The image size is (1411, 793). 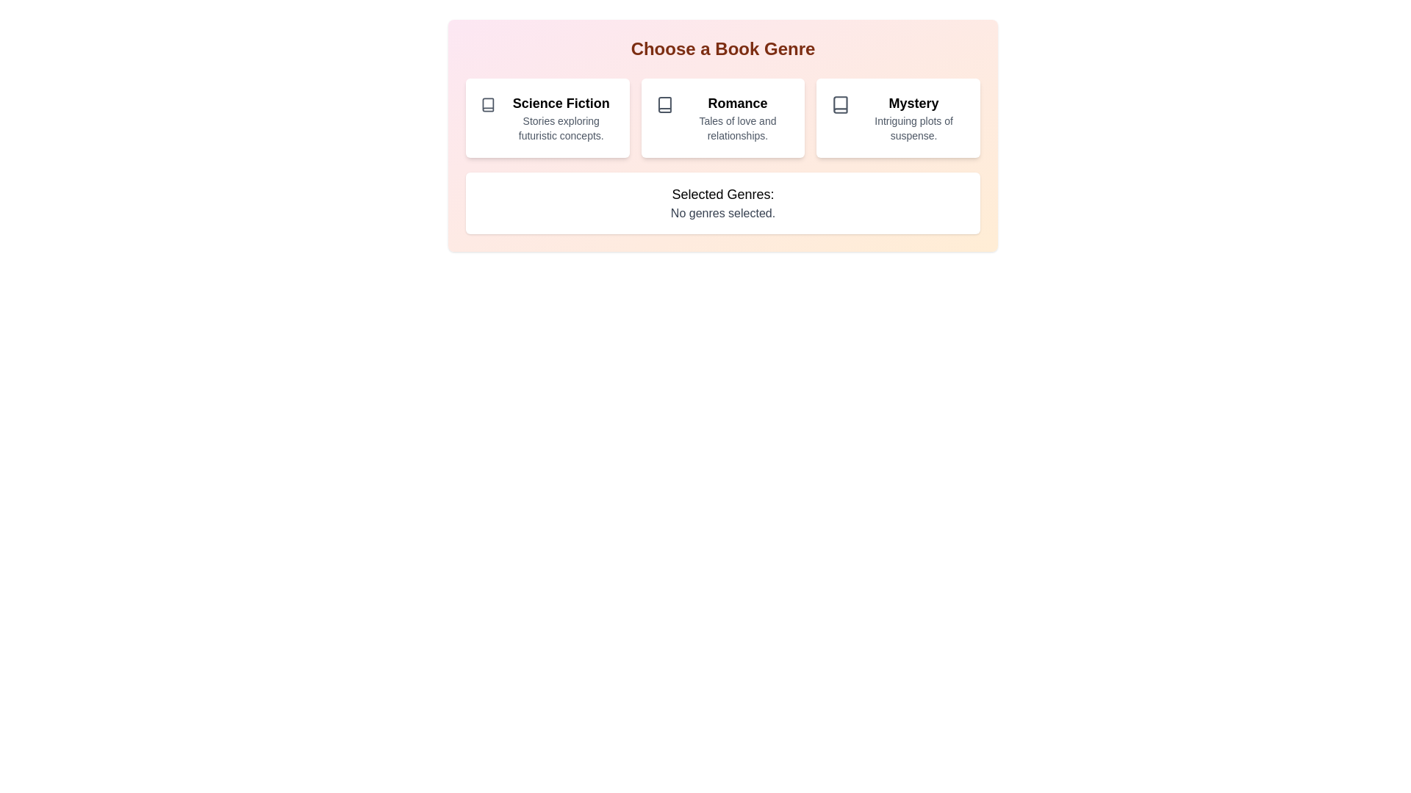 I want to click on the 'Science Fiction' text element in the genre selection interface, which is the first option in a grid layout, so click(x=560, y=117).